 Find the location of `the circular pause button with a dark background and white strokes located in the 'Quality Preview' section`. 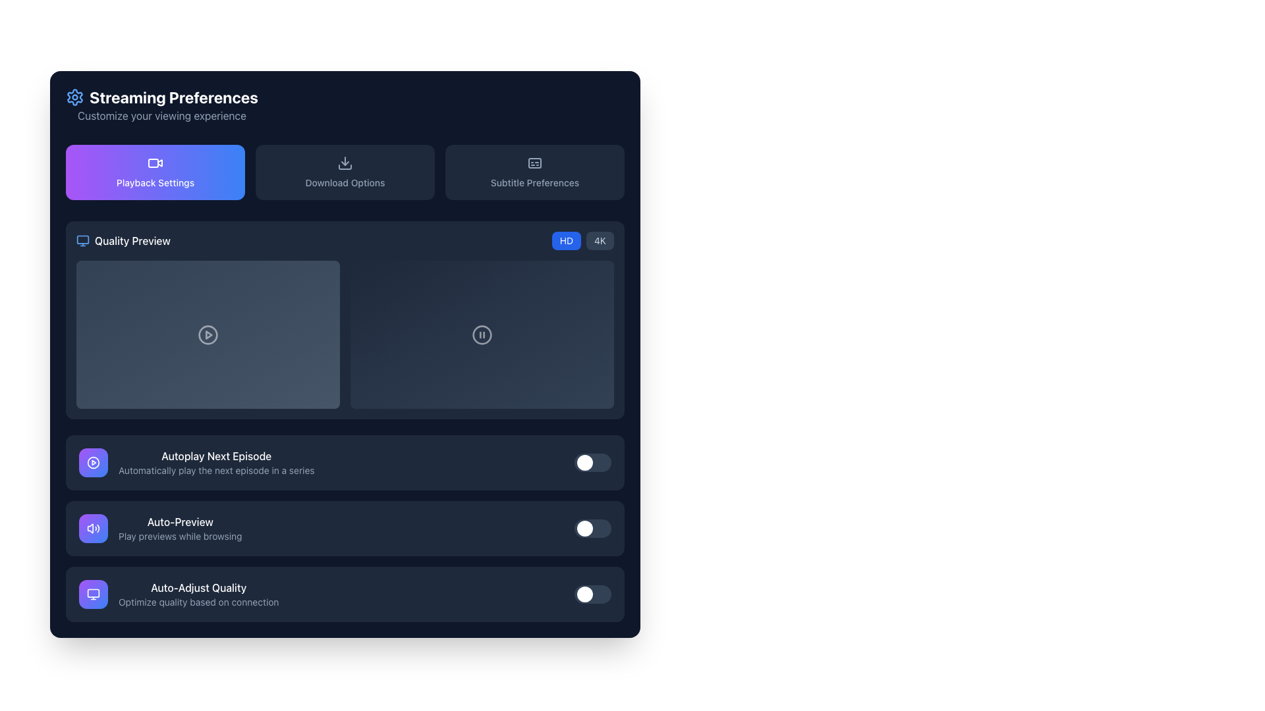

the circular pause button with a dark background and white strokes located in the 'Quality Preview' section is located at coordinates (481, 334).